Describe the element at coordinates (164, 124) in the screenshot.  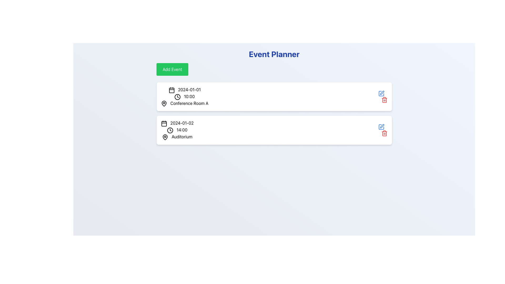
I see `the calendar icon that is positioned at the beginning of the second event entry, aligned to the left of the date '2024-01-02'` at that location.